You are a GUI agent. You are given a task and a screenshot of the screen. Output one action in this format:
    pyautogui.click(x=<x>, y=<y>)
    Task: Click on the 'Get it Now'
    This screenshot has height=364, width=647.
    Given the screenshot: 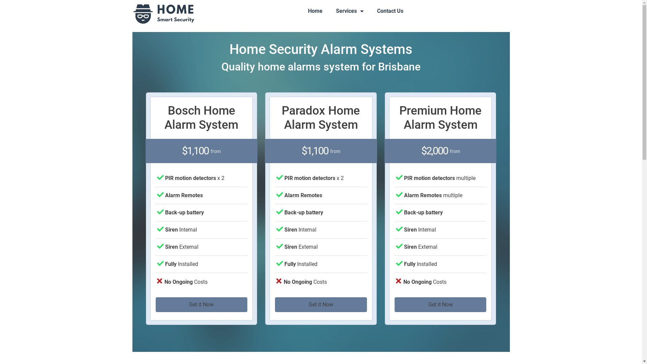 What is the action you would take?
    pyautogui.click(x=201, y=304)
    